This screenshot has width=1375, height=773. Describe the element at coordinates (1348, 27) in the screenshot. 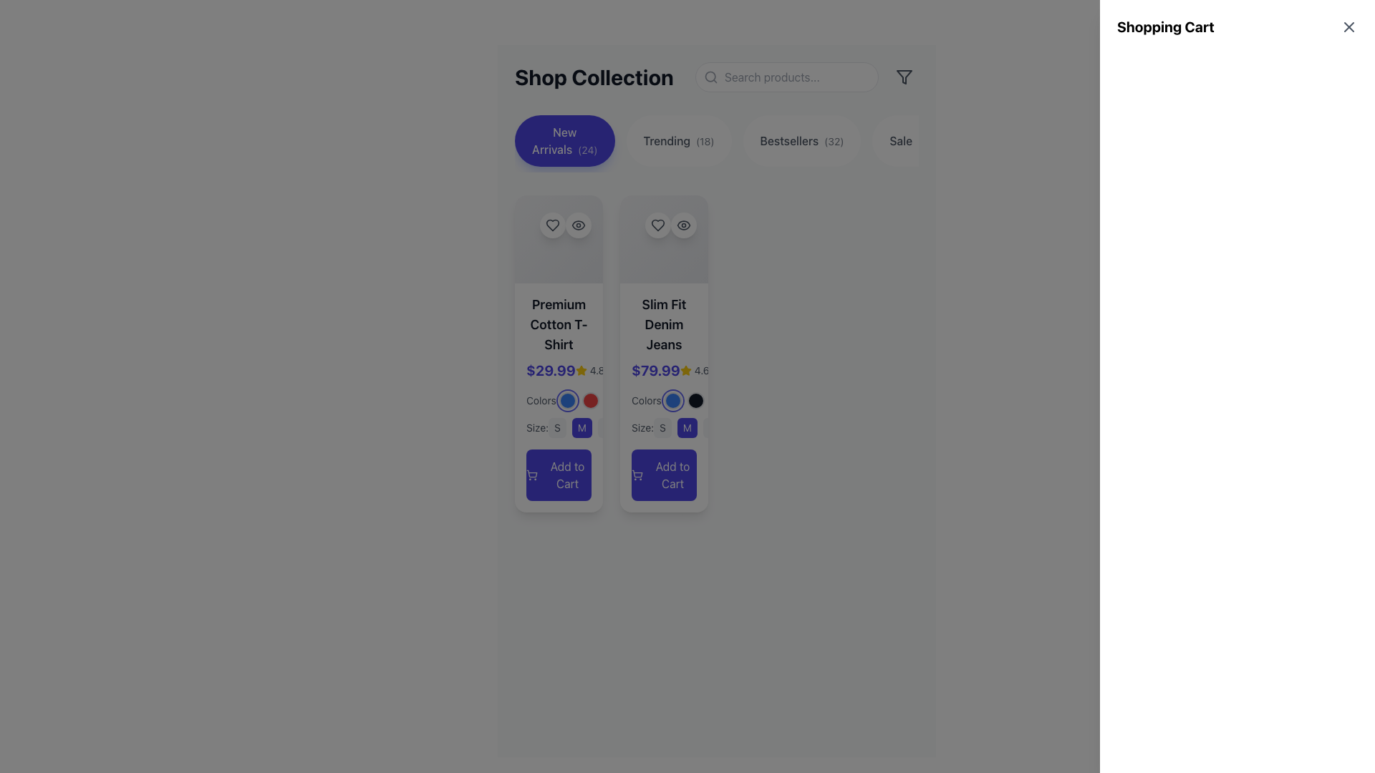

I see `the close icon represented by a simple cross symbol located in the top-right corner of the interface near the 'Shopping Cart' title` at that location.